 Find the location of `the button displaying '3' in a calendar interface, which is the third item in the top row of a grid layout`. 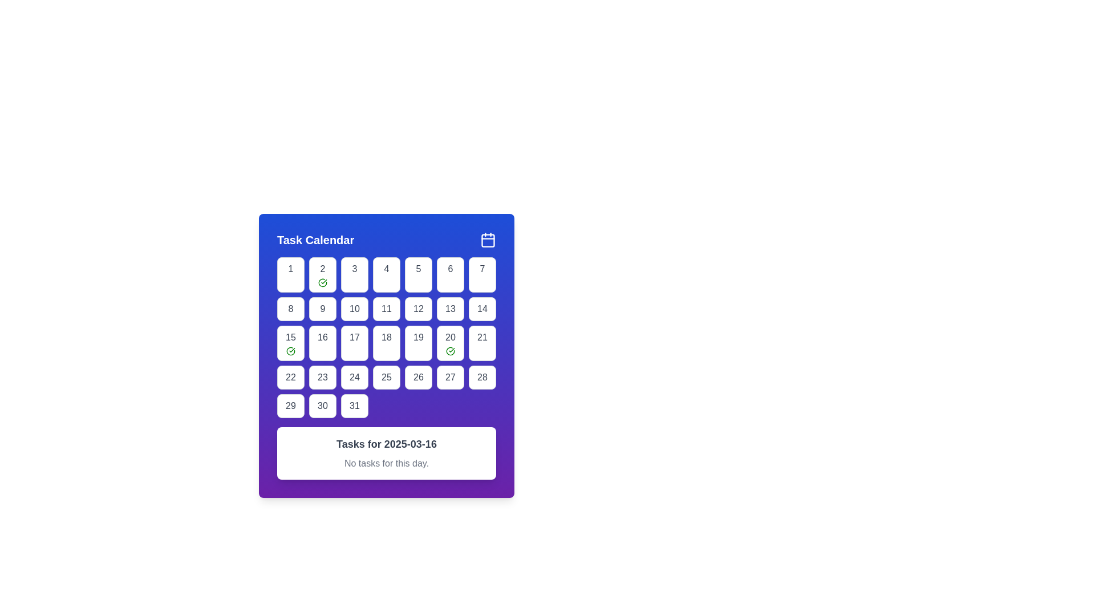

the button displaying '3' in a calendar interface, which is the third item in the top row of a grid layout is located at coordinates (354, 275).